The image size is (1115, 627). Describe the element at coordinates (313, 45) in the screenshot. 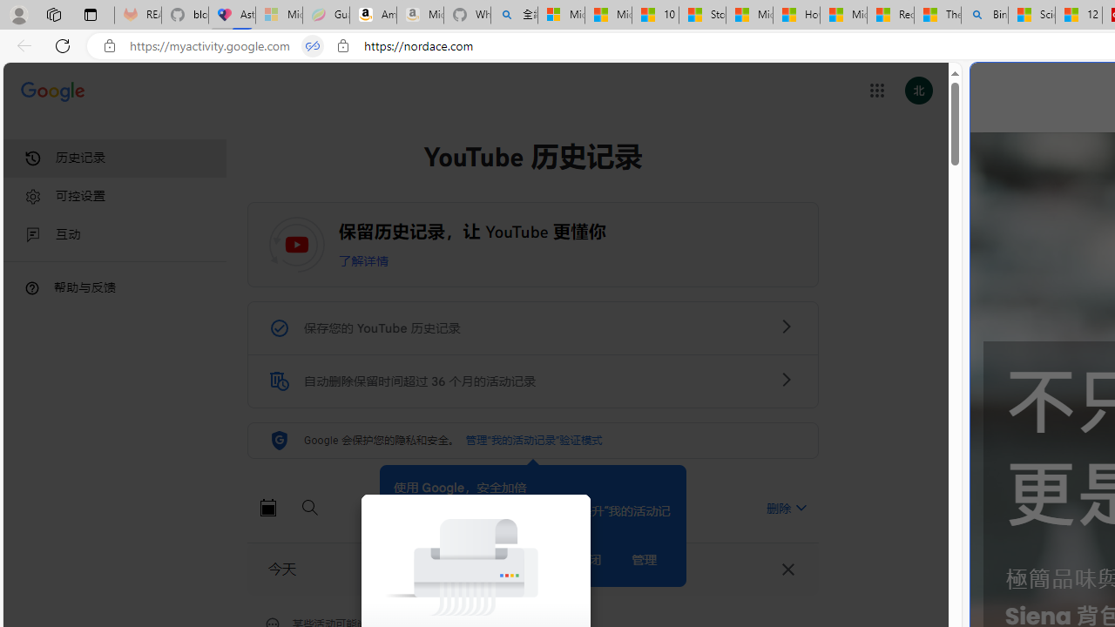

I see `'Tabs in split screen'` at that location.